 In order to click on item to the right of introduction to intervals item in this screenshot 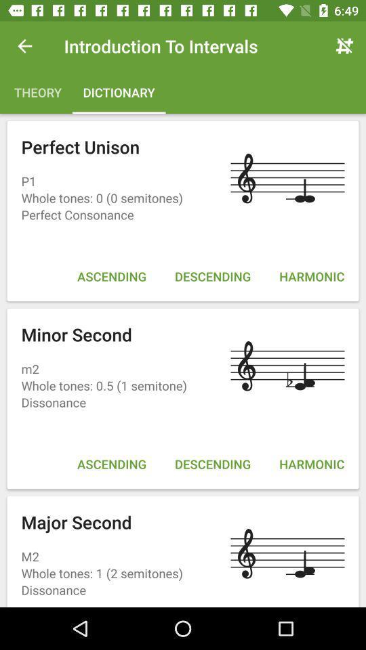, I will do `click(344, 46)`.